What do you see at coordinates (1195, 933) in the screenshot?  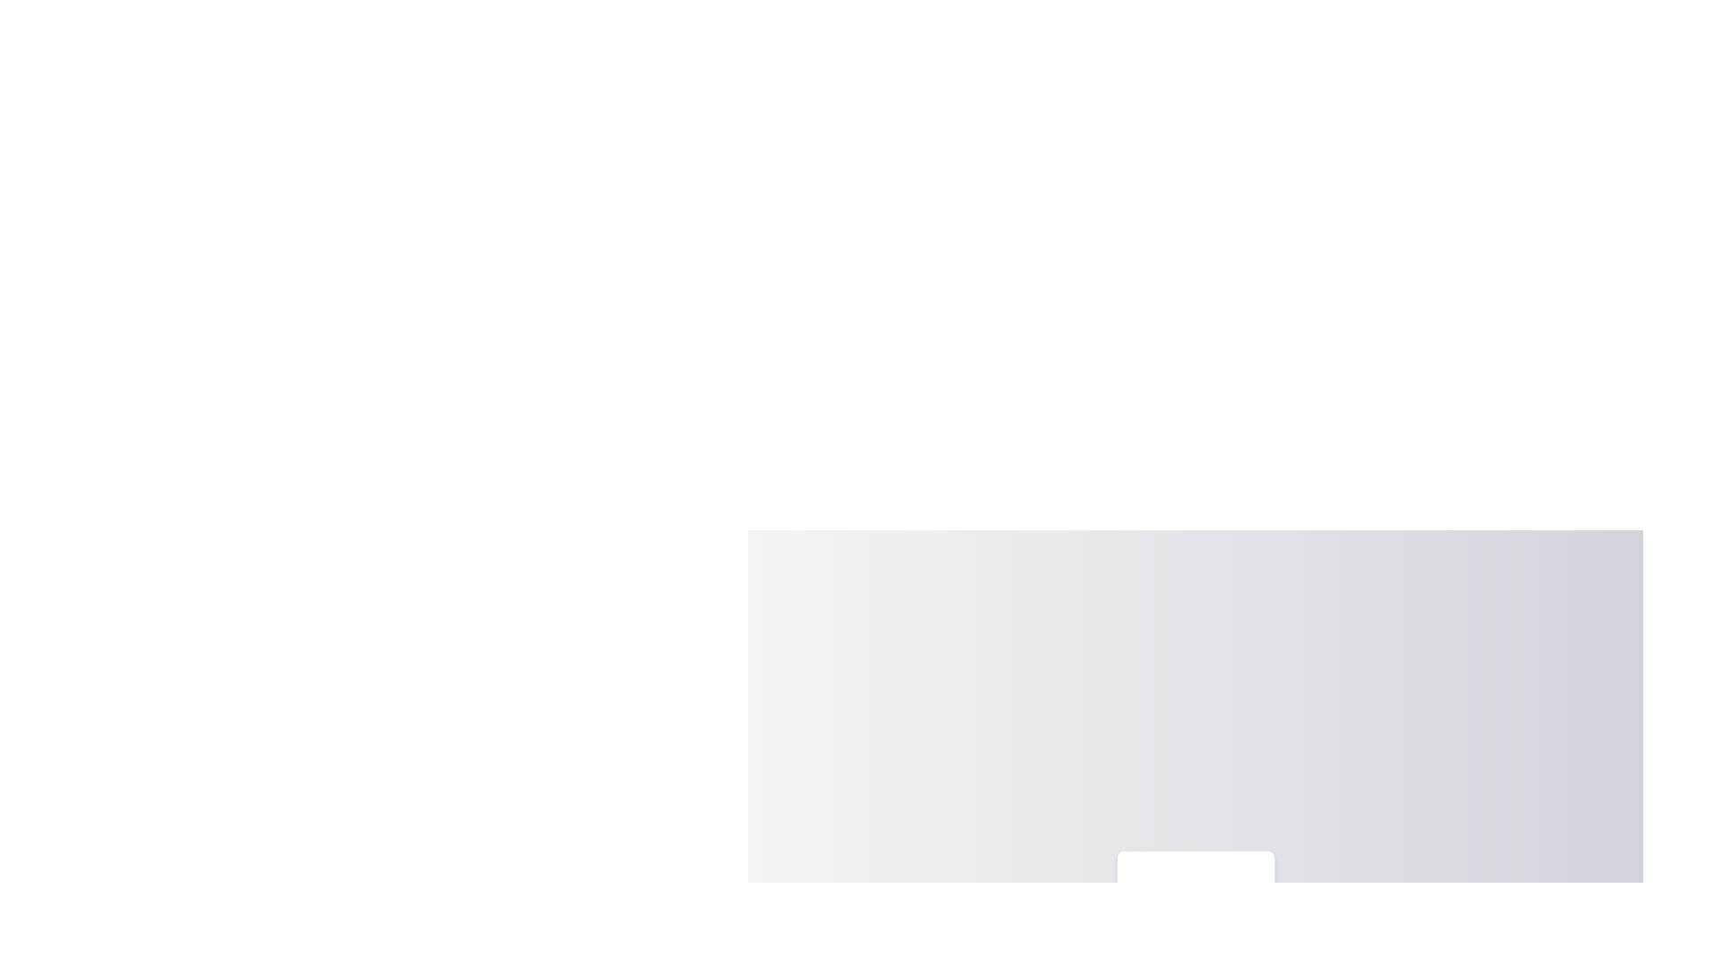 I see `the menu item labeled Settings to highlight it` at bounding box center [1195, 933].